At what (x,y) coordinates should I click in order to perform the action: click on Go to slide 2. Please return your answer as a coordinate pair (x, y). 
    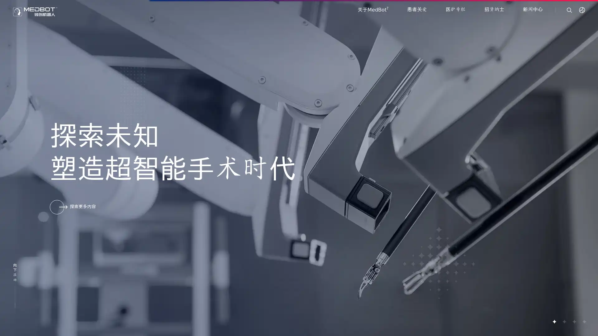
    Looking at the image, I should click on (564, 321).